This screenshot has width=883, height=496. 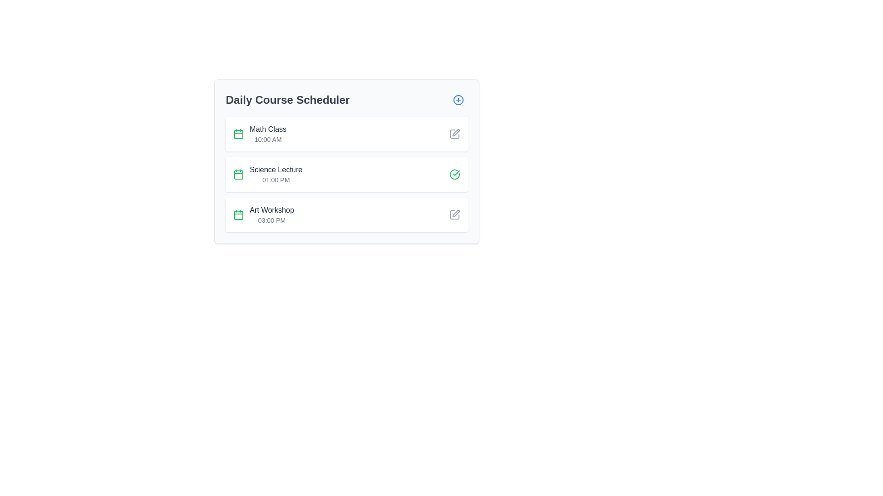 I want to click on the Static text label that serves as the title for the event in the Daily Course Scheduler, located centrally in the interface, so click(x=275, y=170).